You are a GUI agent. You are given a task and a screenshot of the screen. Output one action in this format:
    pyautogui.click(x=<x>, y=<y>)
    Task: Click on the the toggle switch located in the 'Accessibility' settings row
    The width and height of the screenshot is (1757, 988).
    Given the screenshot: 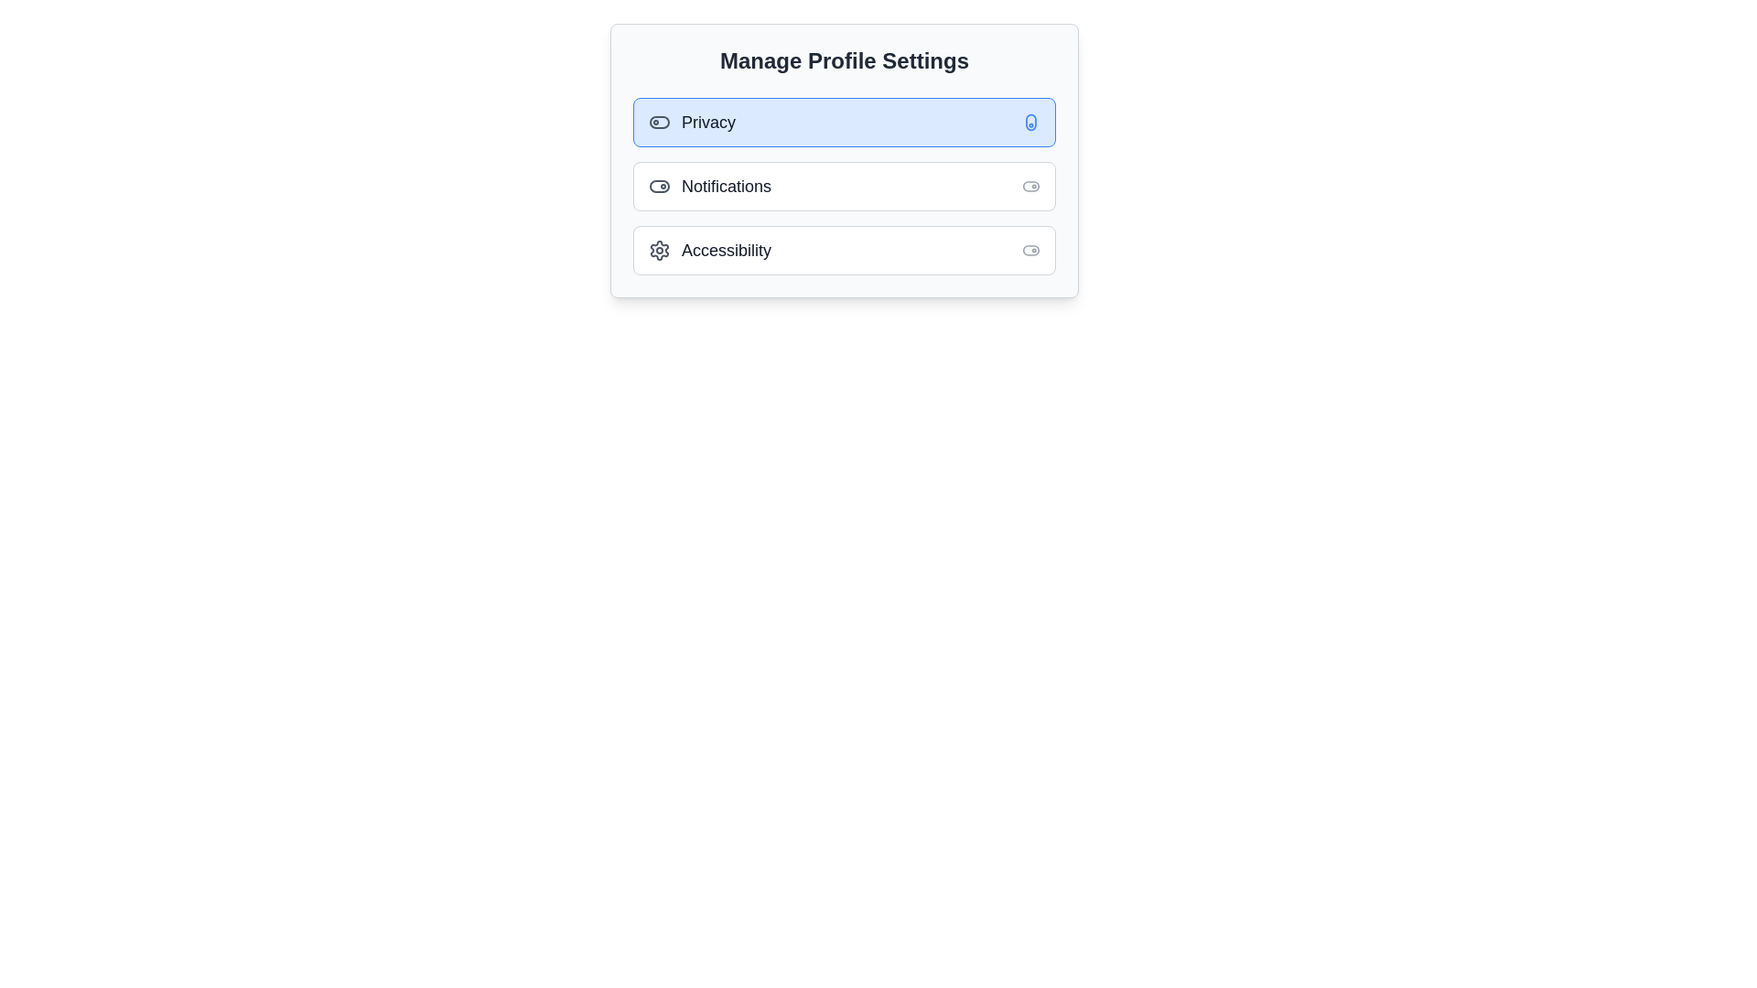 What is the action you would take?
    pyautogui.click(x=1031, y=250)
    